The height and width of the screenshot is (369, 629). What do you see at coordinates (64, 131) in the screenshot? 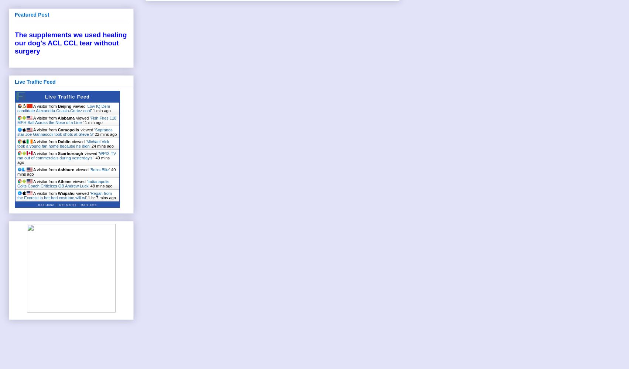
I see `'Sopranos star Joe Gannascoli took shots at Steve S'` at bounding box center [64, 131].